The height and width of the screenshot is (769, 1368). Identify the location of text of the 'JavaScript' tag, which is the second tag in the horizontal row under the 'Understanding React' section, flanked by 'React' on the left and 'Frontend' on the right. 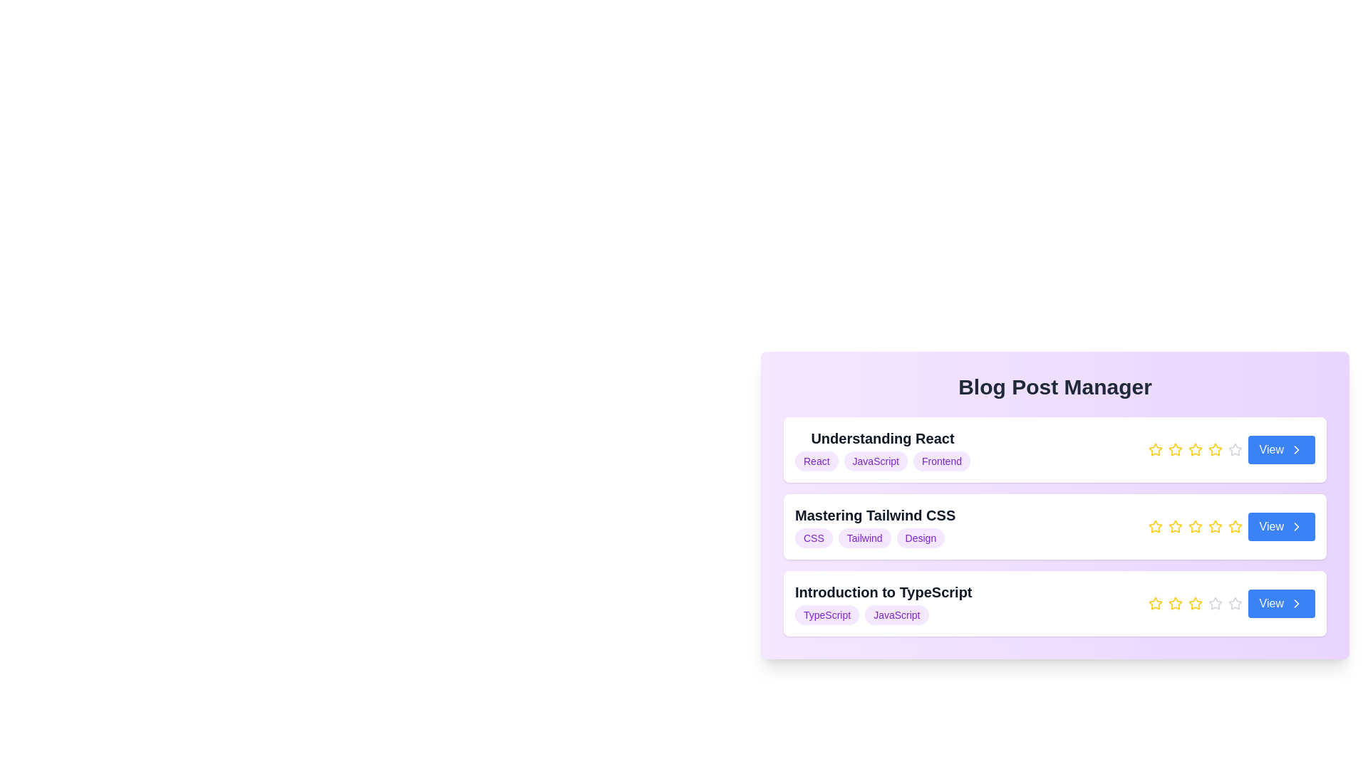
(875, 461).